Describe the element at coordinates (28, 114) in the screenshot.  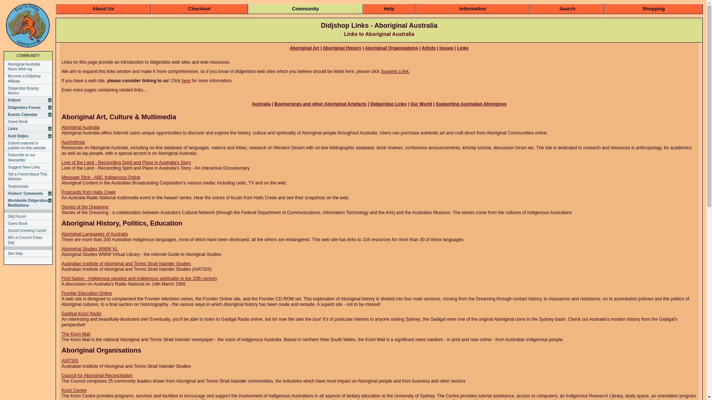
I see `'Events Calendar'` at that location.